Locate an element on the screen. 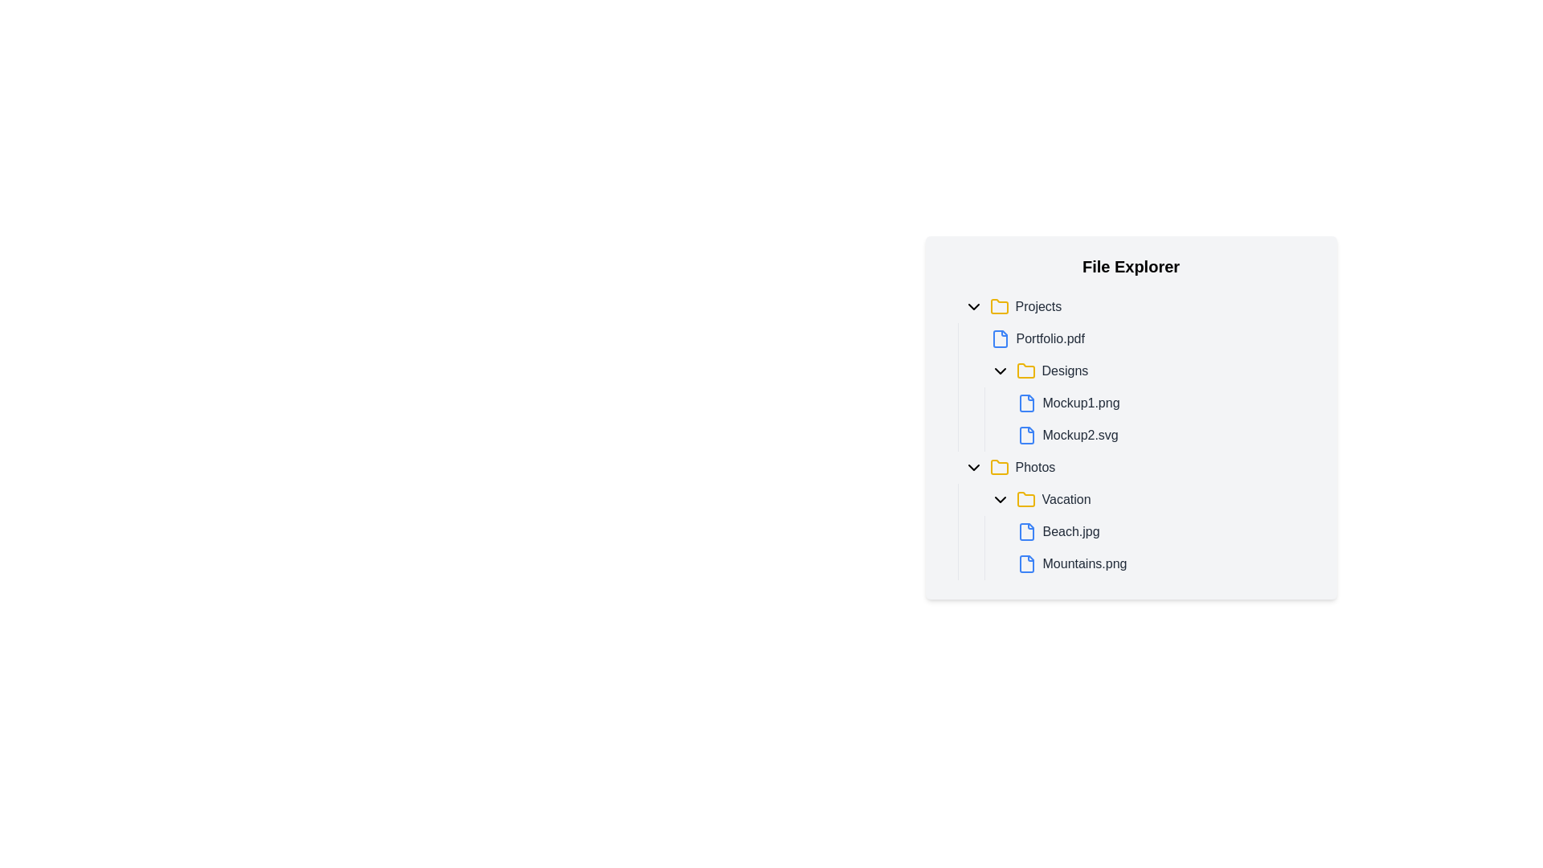 This screenshot has height=868, width=1543. the 'Vacation' text label displayed in gray font, which is located to the right of the yellow folder icon in the 'File Explorer' interface is located at coordinates (1066, 498).